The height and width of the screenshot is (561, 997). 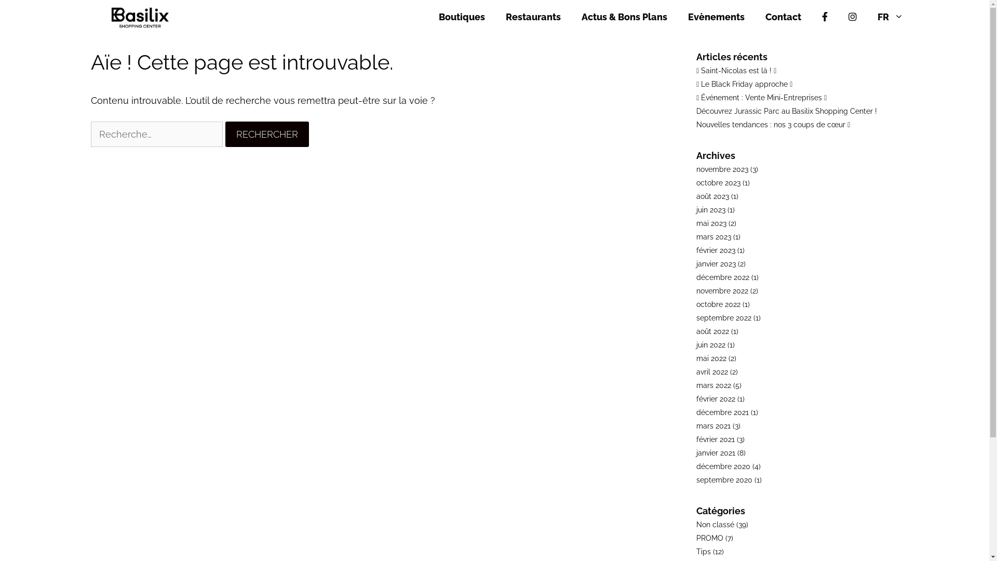 I want to click on 'Rechercher', so click(x=267, y=133).